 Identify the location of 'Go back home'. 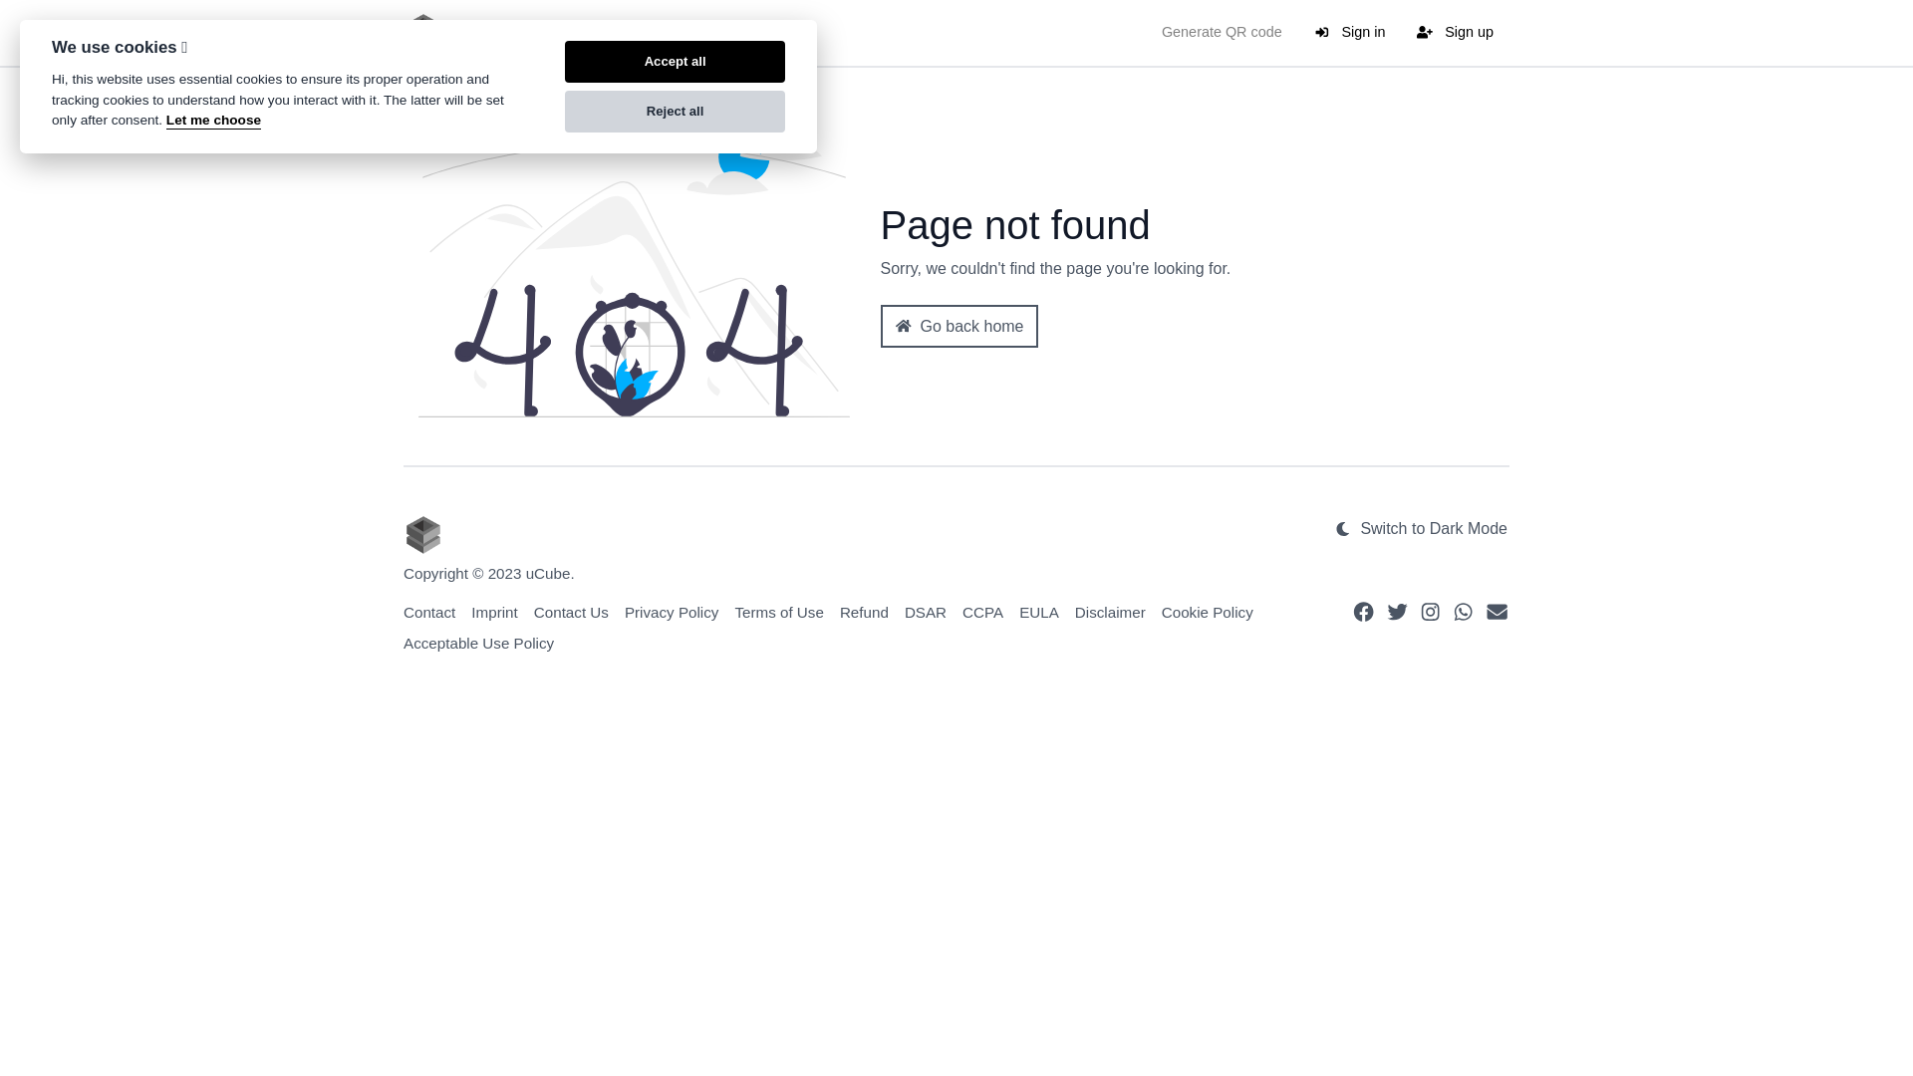
(959, 325).